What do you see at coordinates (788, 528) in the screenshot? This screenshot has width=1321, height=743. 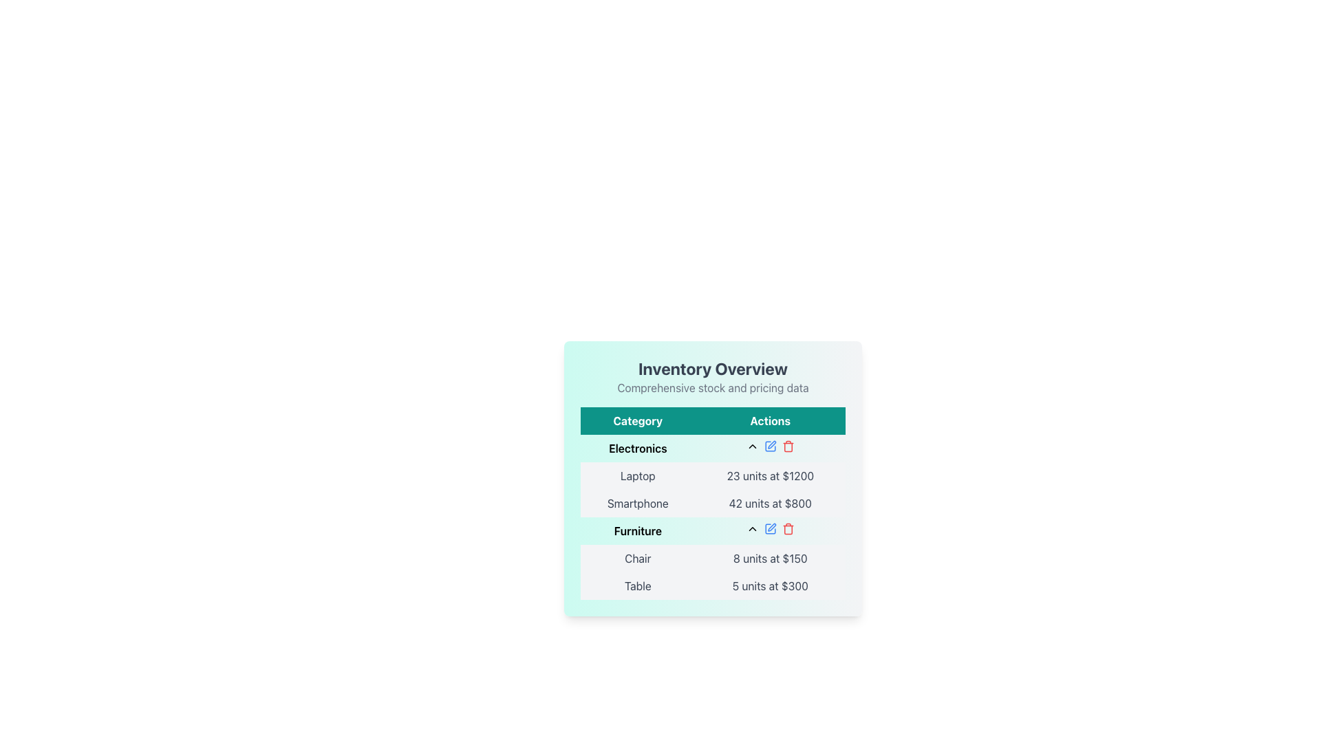 I see `the trash icon in the Actions column` at bounding box center [788, 528].